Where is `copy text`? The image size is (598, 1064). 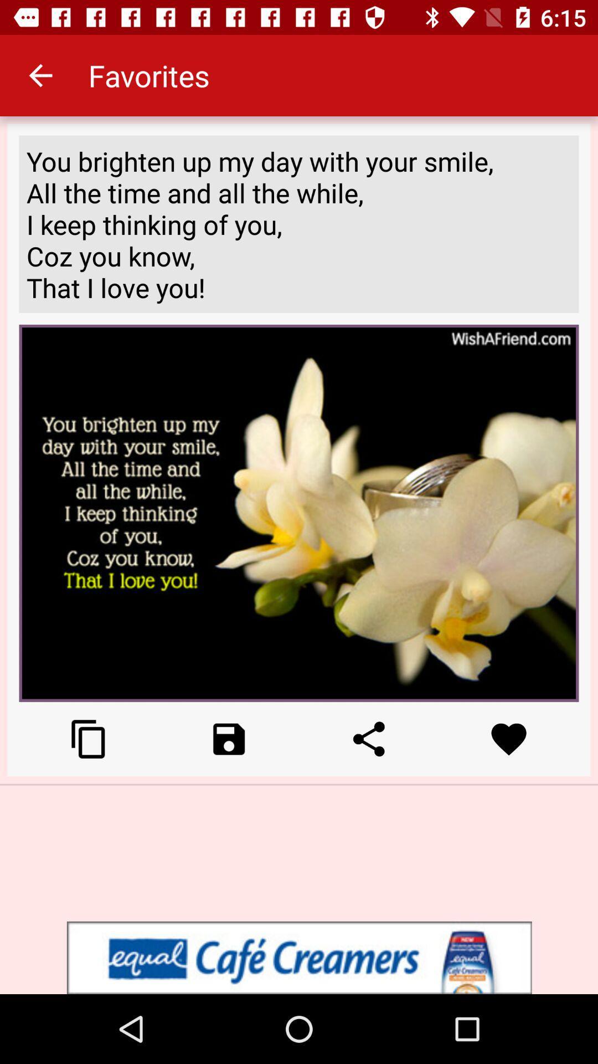
copy text is located at coordinates (88, 739).